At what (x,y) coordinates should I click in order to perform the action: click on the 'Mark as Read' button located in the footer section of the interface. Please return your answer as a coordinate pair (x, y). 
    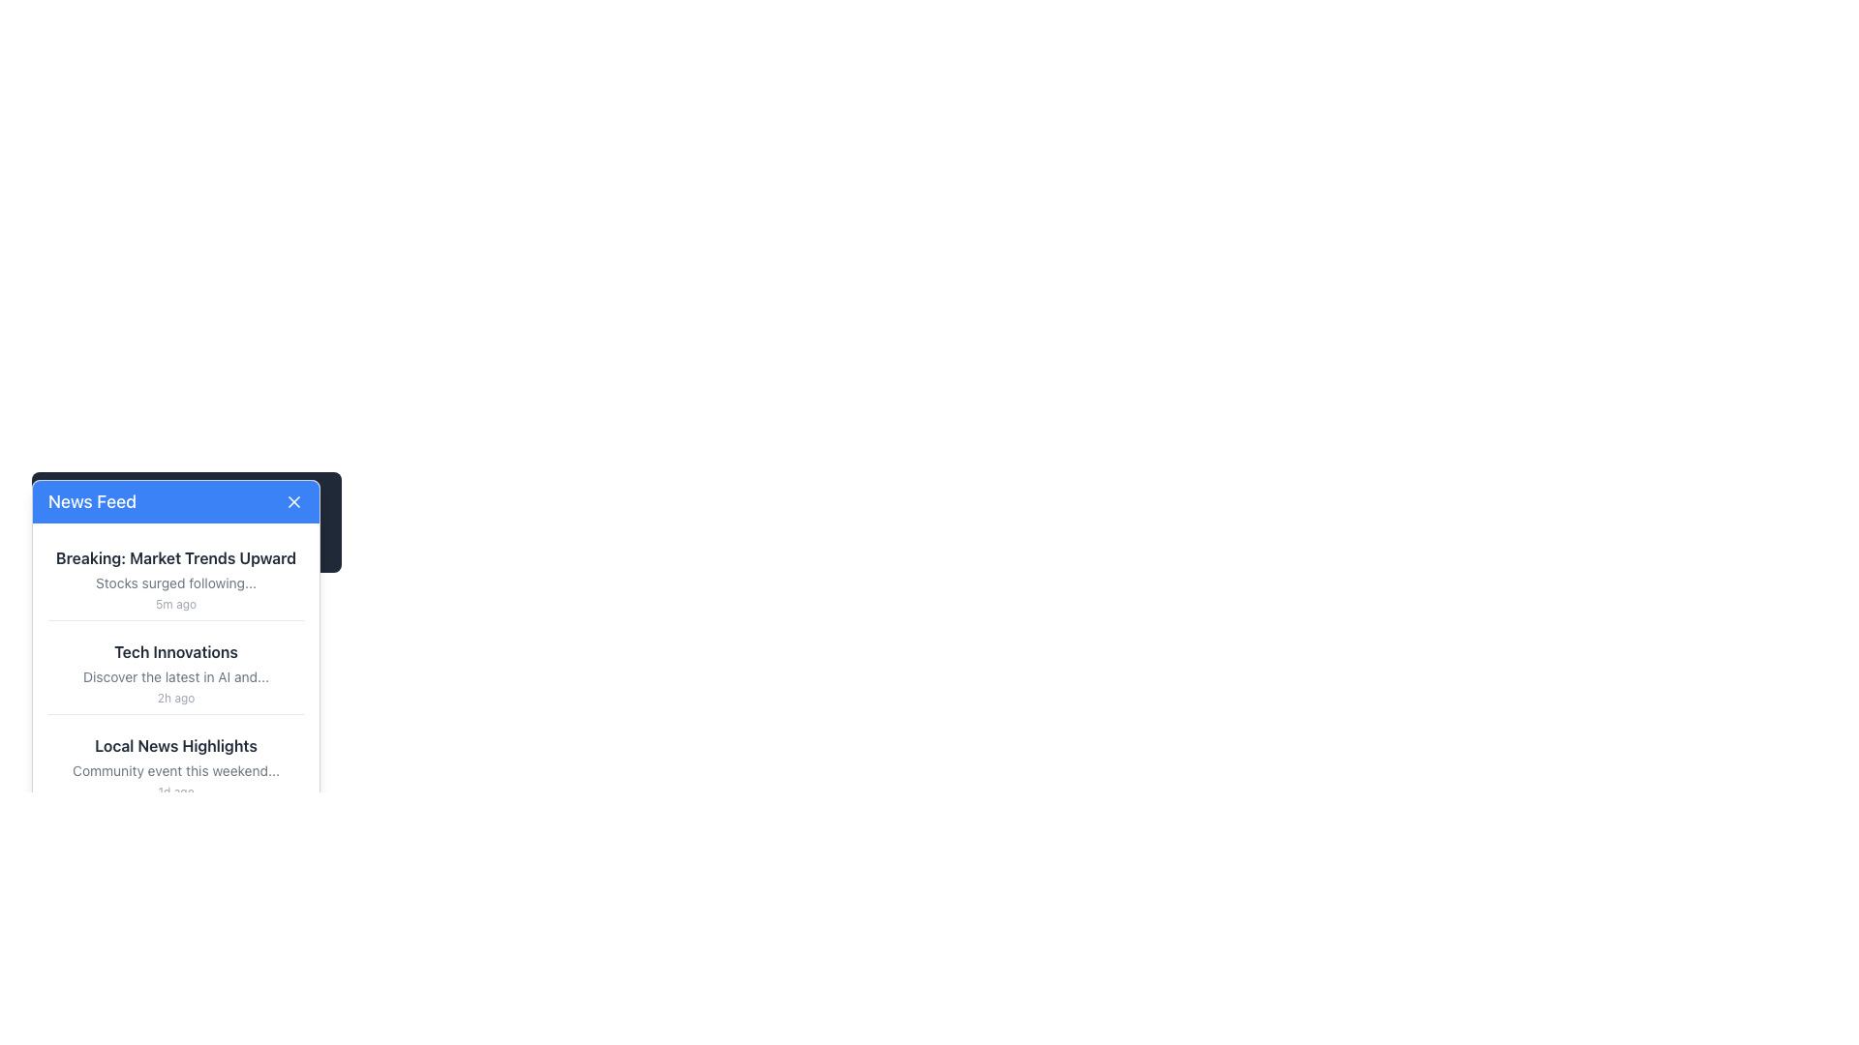
    Looking at the image, I should click on (254, 847).